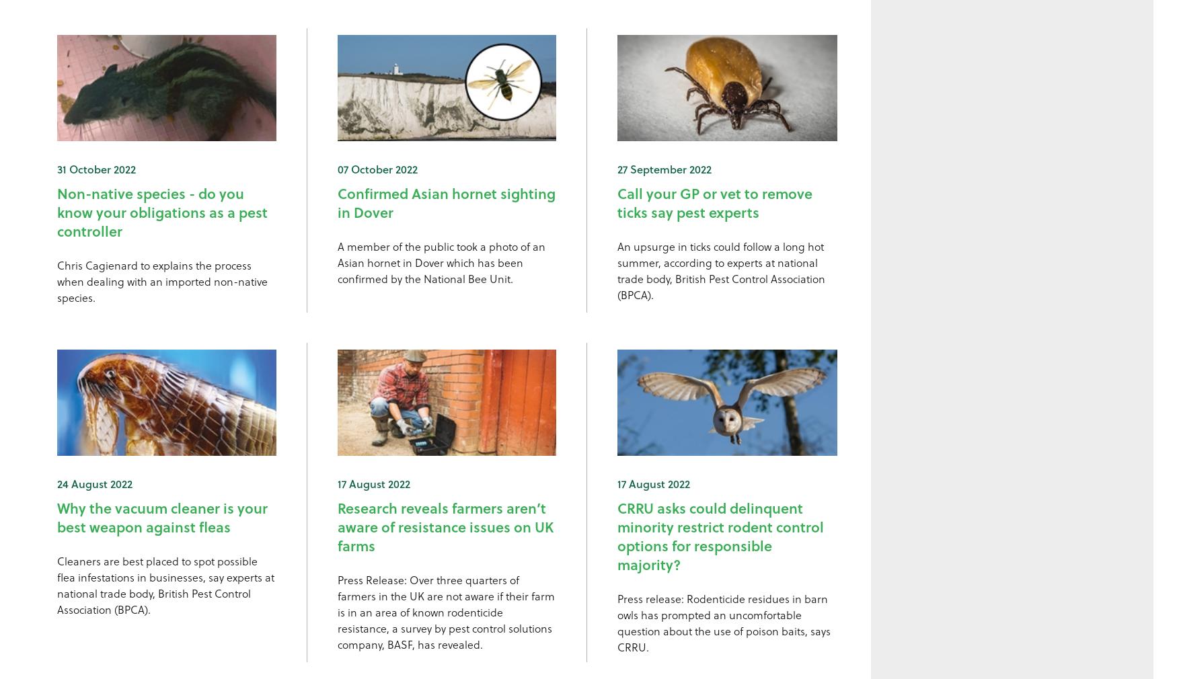  I want to click on 'Research reveals farmers aren’t aware of resistance issues on UK farms', so click(444, 526).